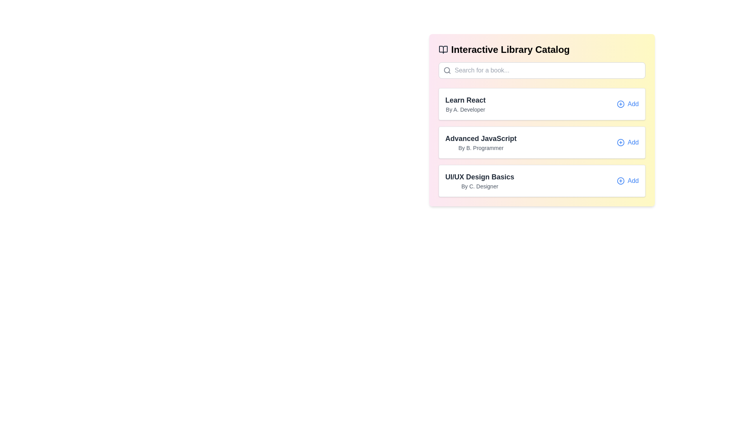 The height and width of the screenshot is (423, 752). I want to click on the informational text block that provides details about the book 'Learn React' by author 'A. Developer', which is the first item in the library catalog interface, so click(465, 104).